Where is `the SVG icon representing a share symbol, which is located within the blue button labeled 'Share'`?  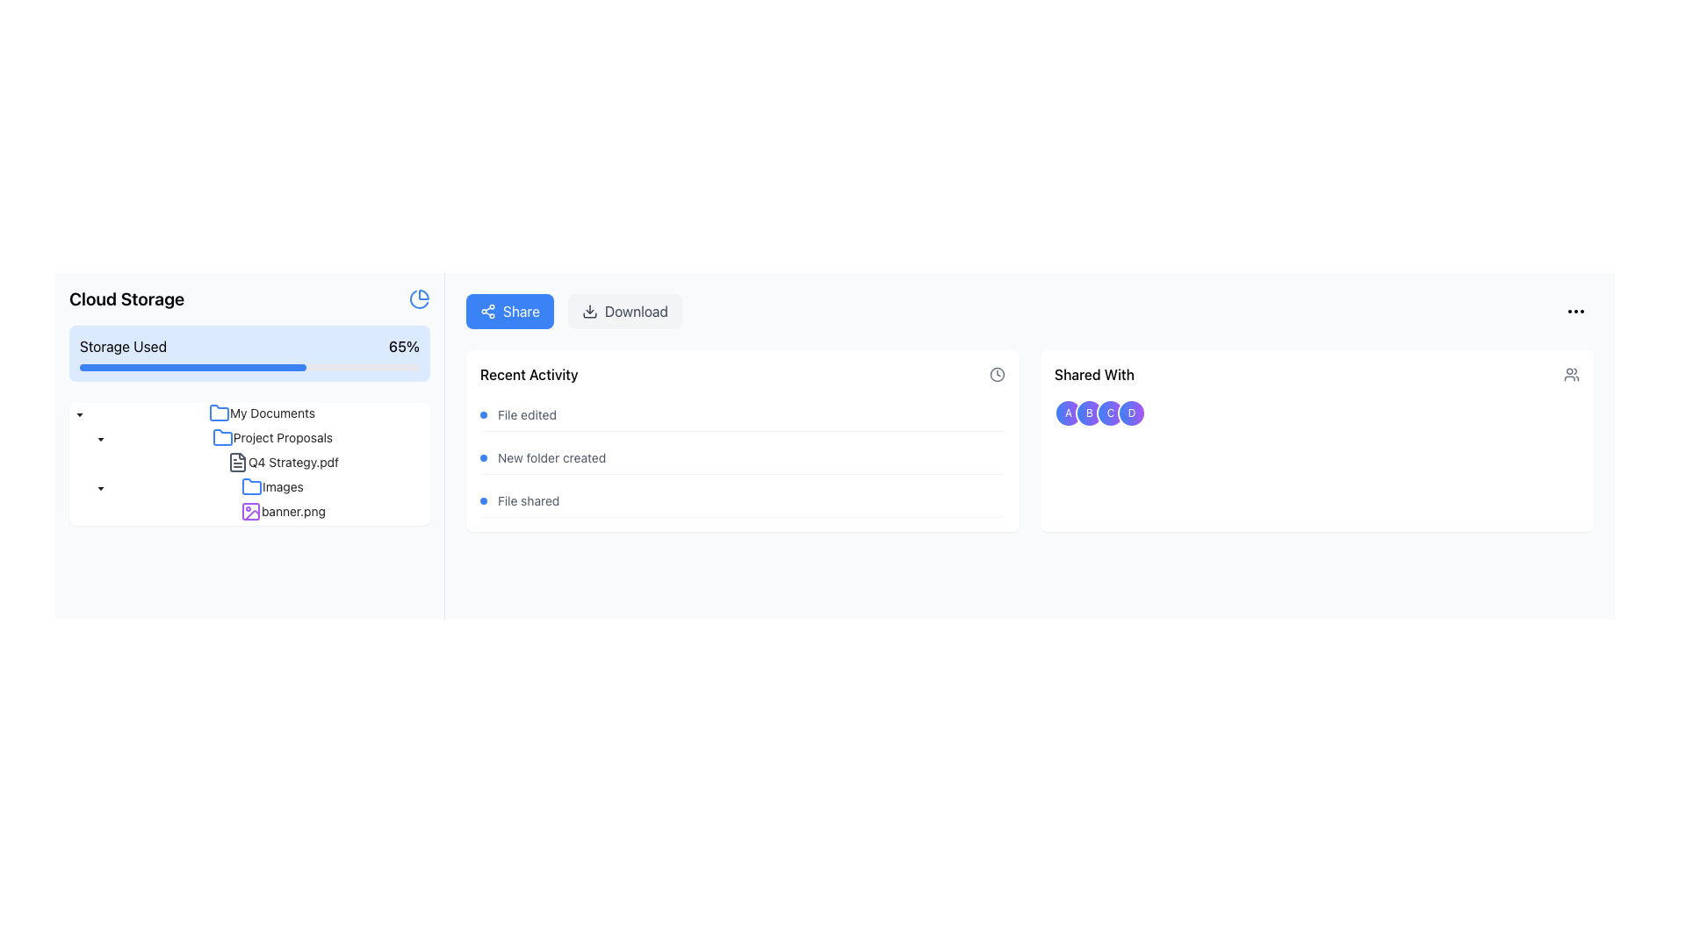
the SVG icon representing a share symbol, which is located within the blue button labeled 'Share' is located at coordinates (488, 310).